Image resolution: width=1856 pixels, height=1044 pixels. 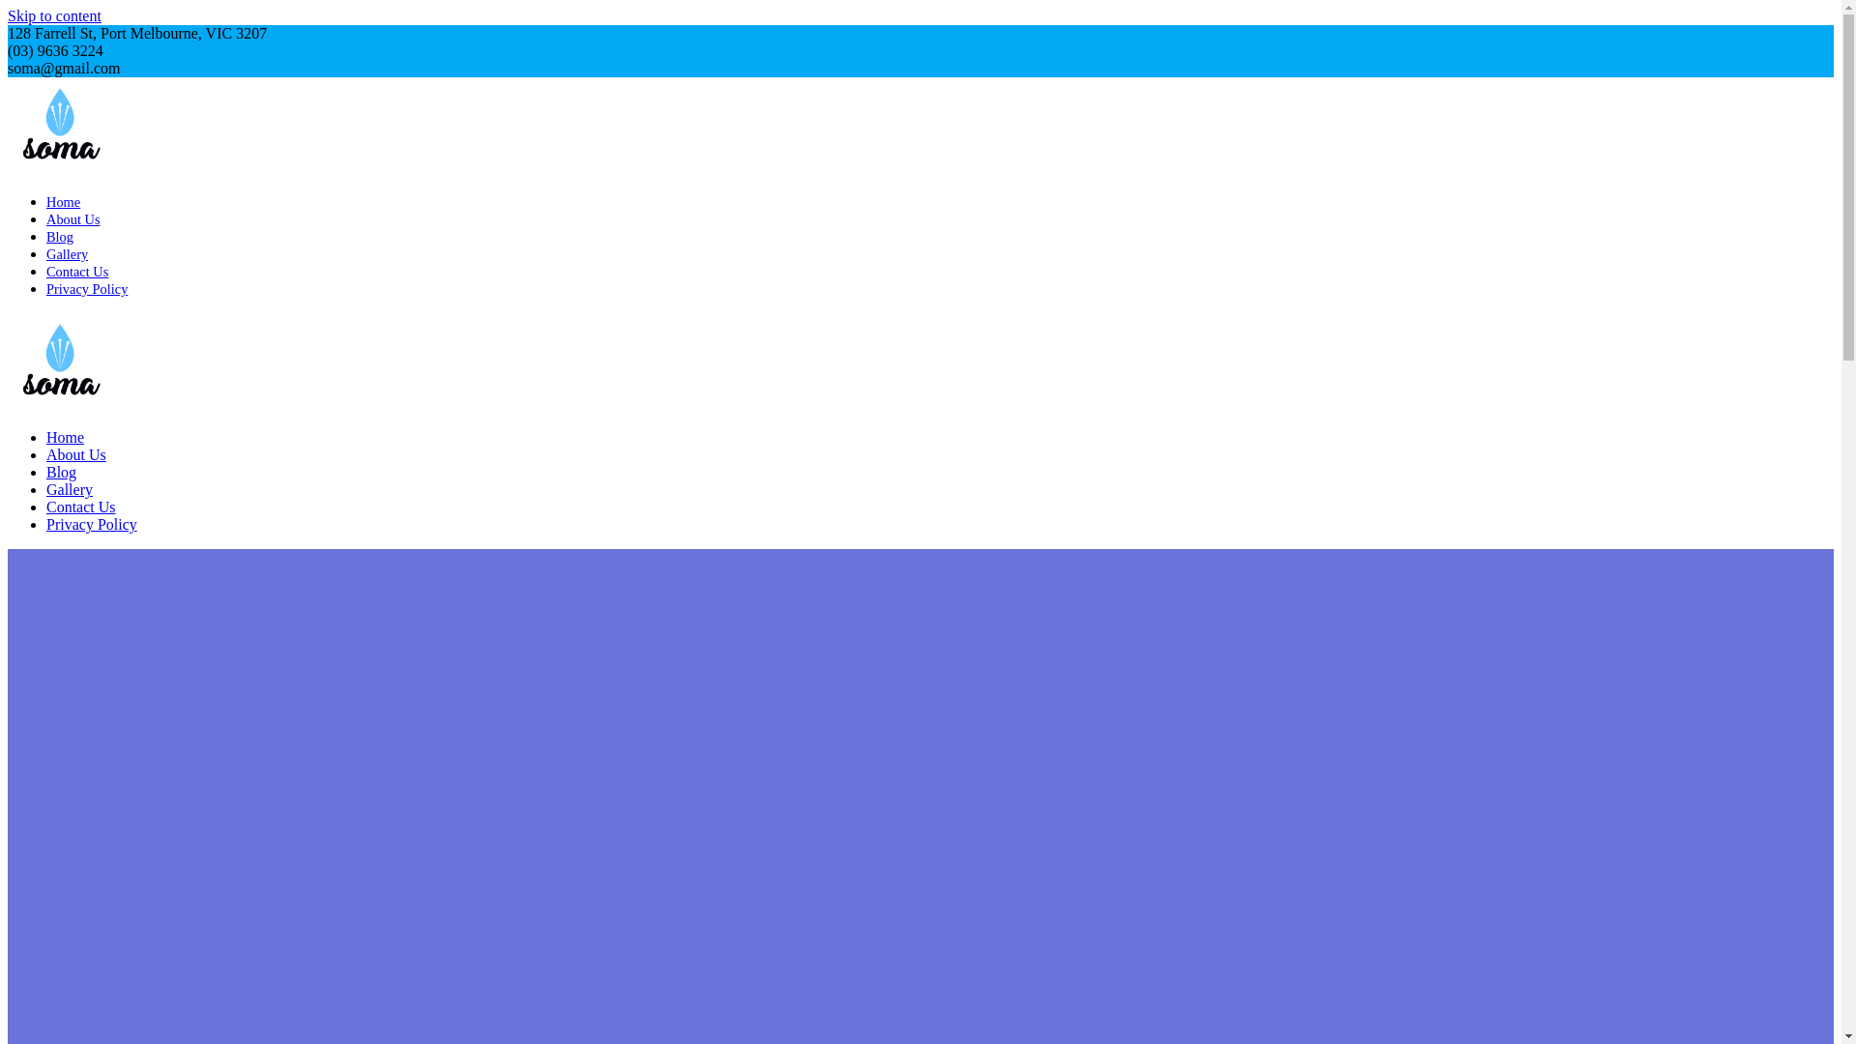 I want to click on 'Blog', so click(x=46, y=472).